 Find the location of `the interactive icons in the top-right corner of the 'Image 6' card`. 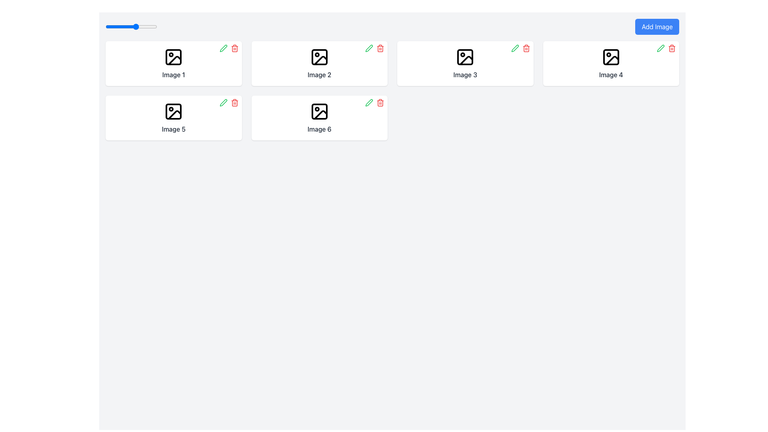

the interactive icons in the top-right corner of the 'Image 6' card is located at coordinates (374, 102).